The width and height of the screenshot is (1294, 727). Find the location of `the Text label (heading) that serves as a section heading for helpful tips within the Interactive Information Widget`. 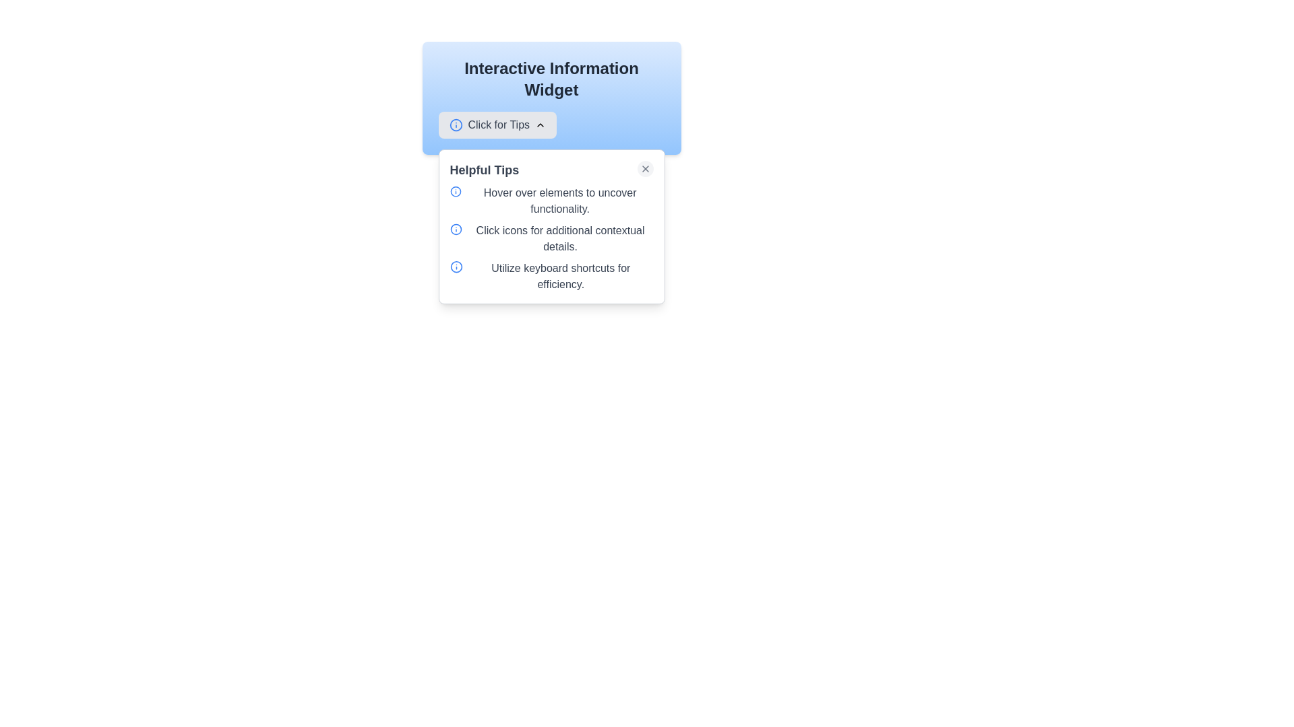

the Text label (heading) that serves as a section heading for helpful tips within the Interactive Information Widget is located at coordinates (484, 170).